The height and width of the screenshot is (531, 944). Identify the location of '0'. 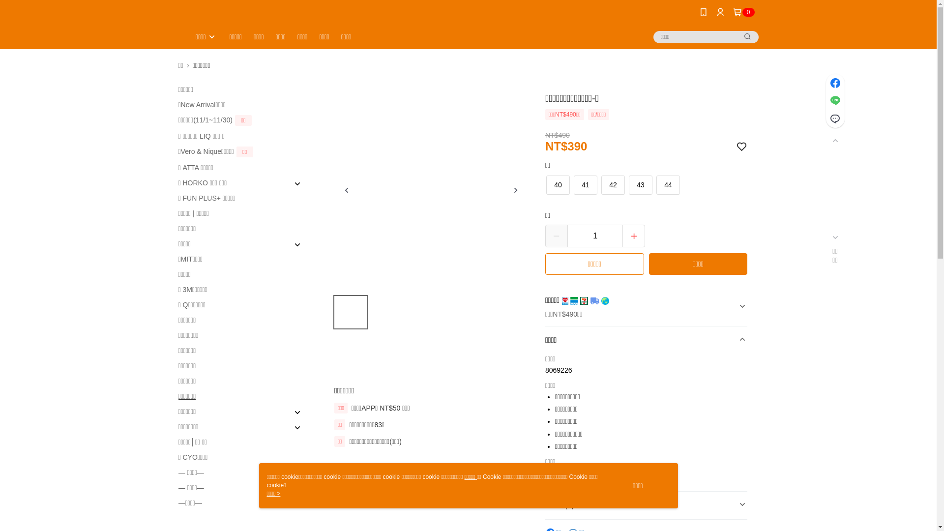
(743, 12).